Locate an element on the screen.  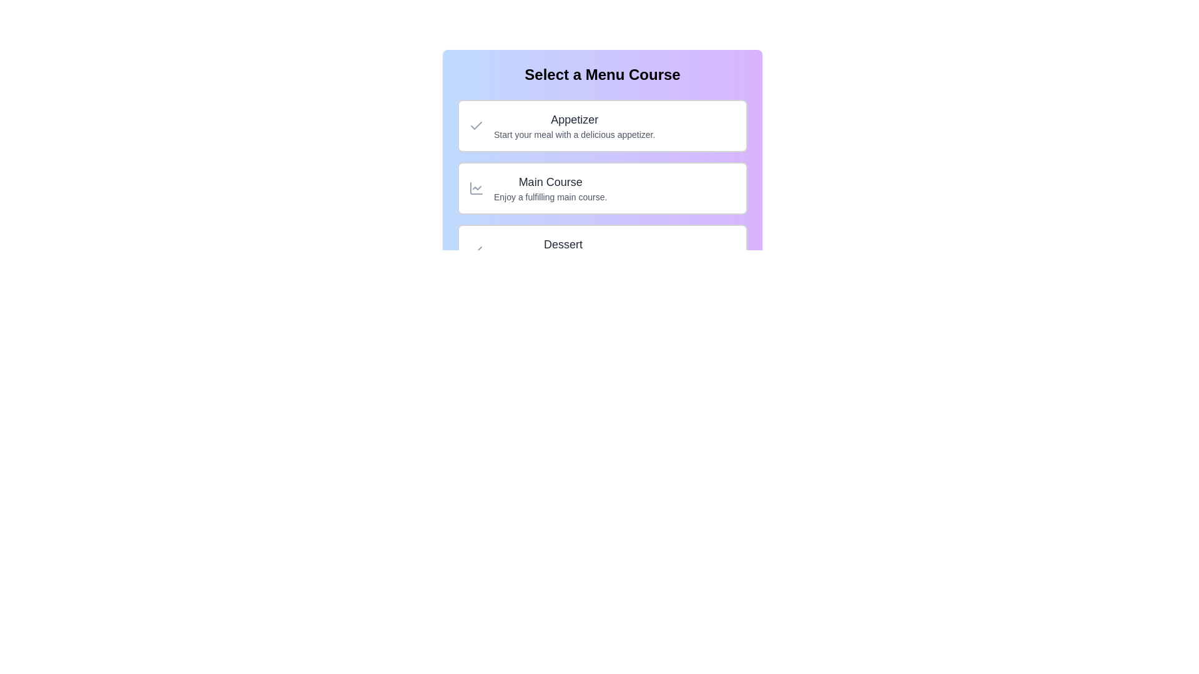
the text label displaying 'Dessert', which is located in the bottom section of the panel containing selectable menu options, specifically the first line of text in the third row is located at coordinates (562, 245).